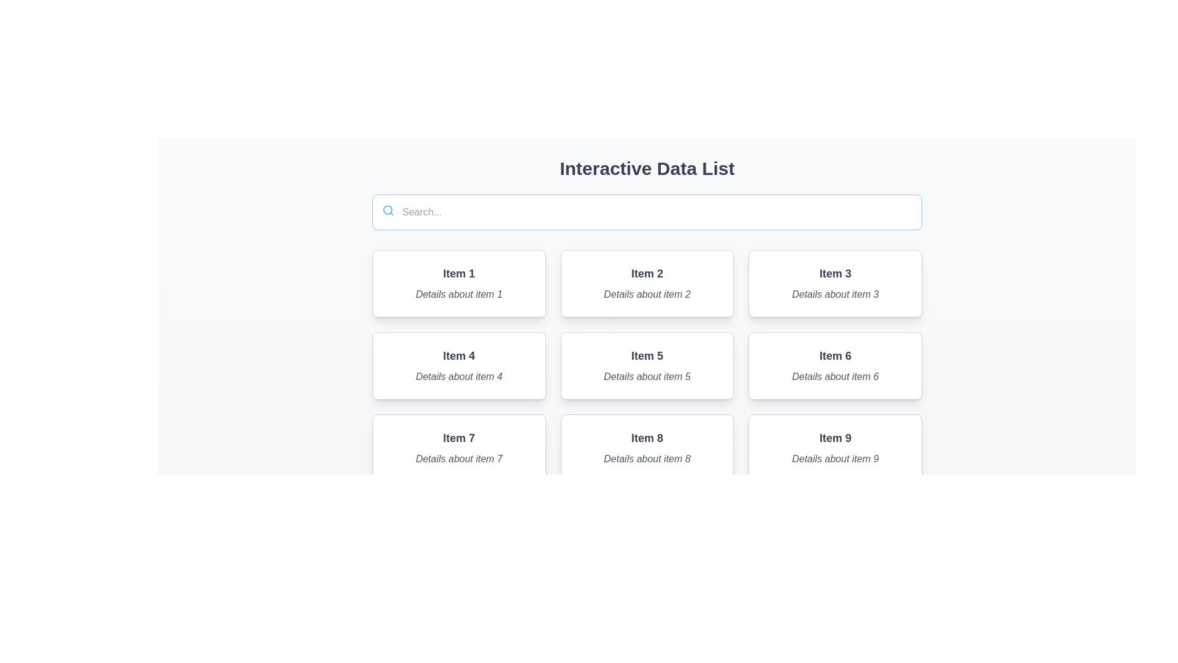  I want to click on the text label or heading that serves as the title for the card labeled 'Item 6 Details about item 6', located at the top of the card in the second row, third column of the grid layout, so click(834, 355).